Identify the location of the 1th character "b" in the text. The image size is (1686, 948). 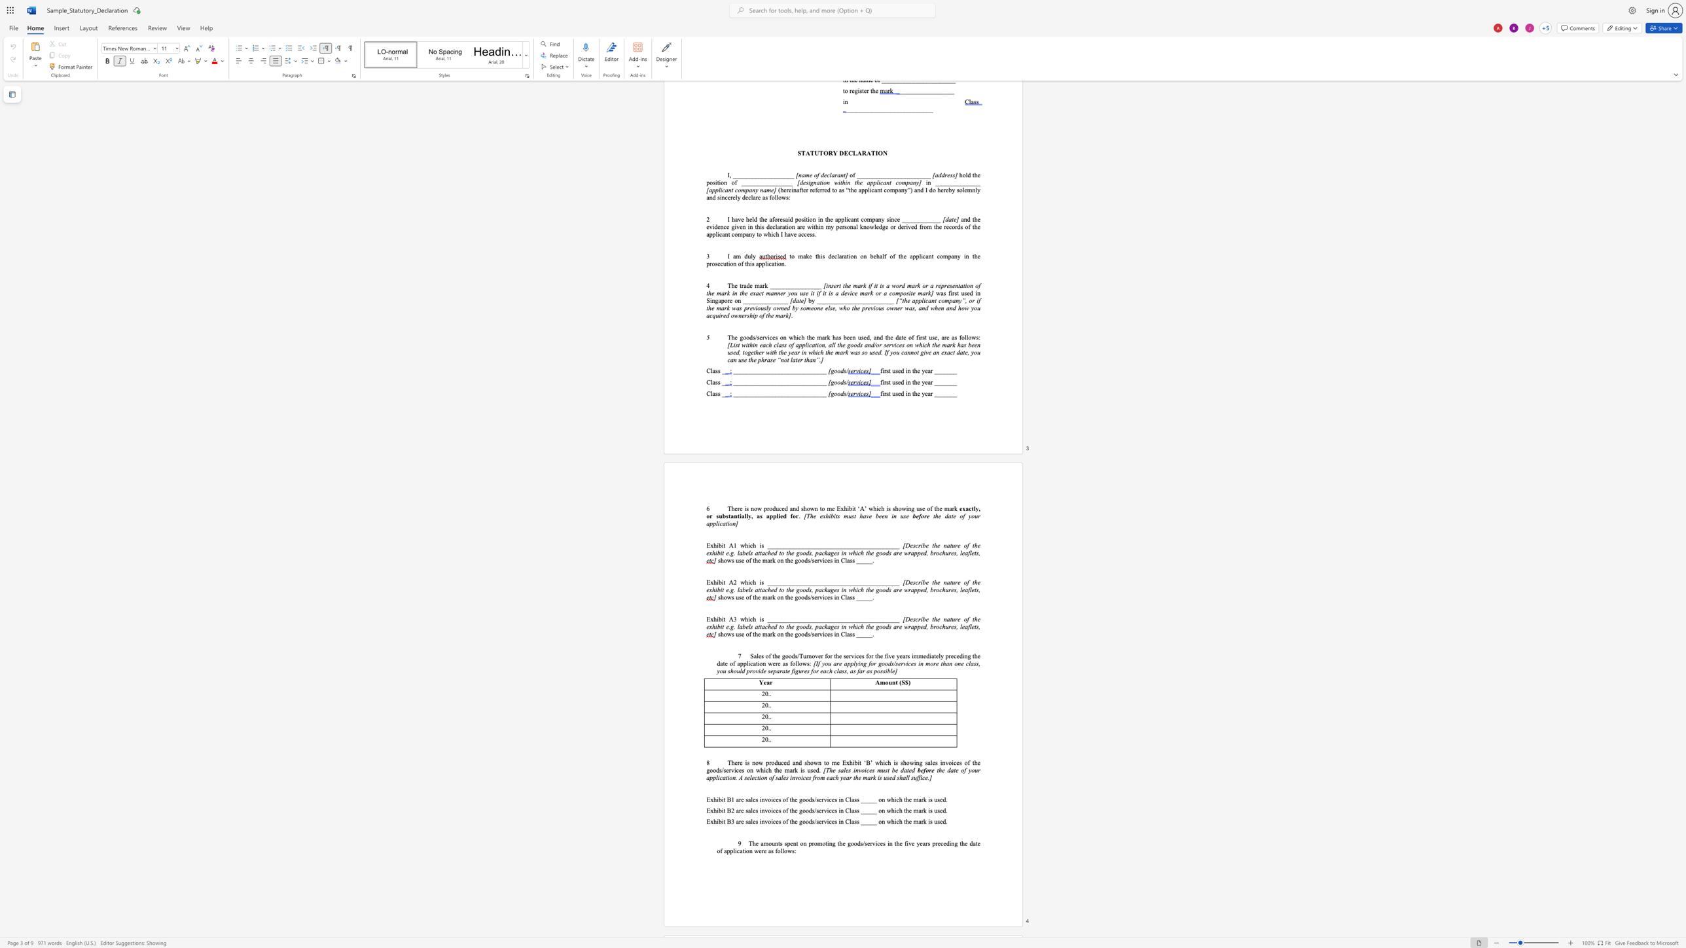
(744, 625).